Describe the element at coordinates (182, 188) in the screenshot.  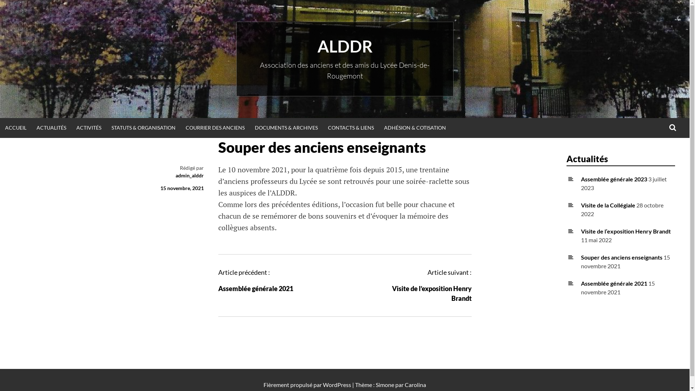
I see `'15 novembre, 2021'` at that location.